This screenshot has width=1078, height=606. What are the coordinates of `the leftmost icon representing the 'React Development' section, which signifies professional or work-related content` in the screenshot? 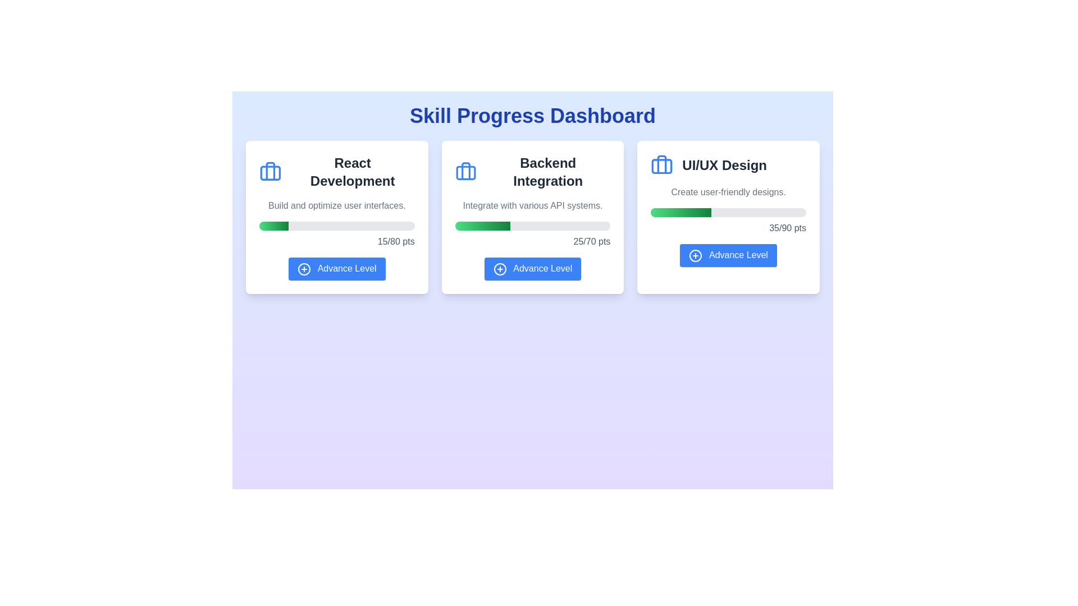 It's located at (270, 171).